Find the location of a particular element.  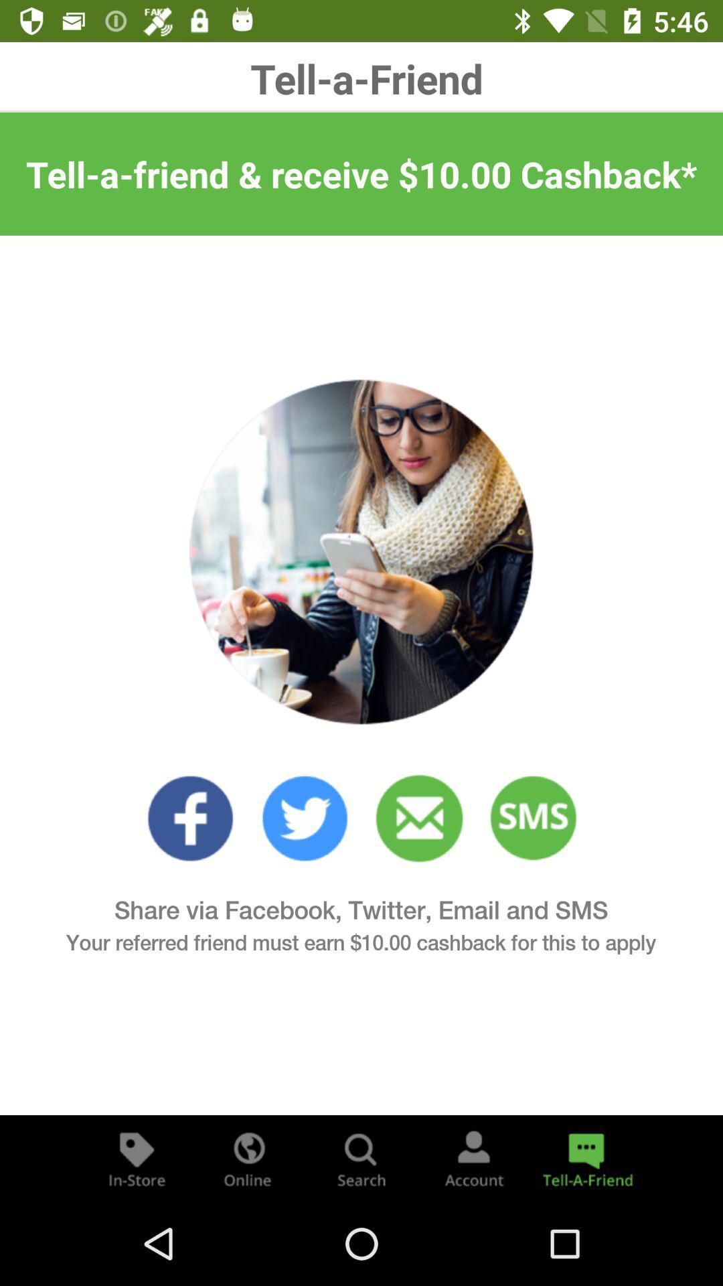

the email icon is located at coordinates (418, 818).